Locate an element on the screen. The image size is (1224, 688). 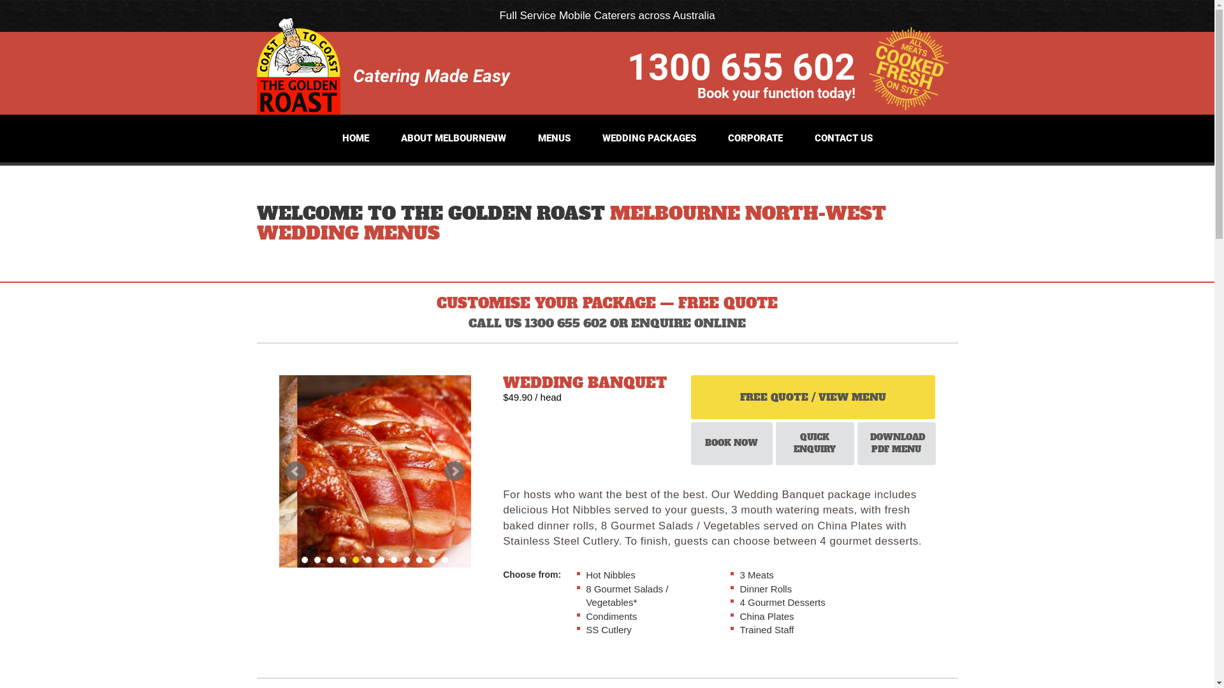
'3' is located at coordinates (330, 559).